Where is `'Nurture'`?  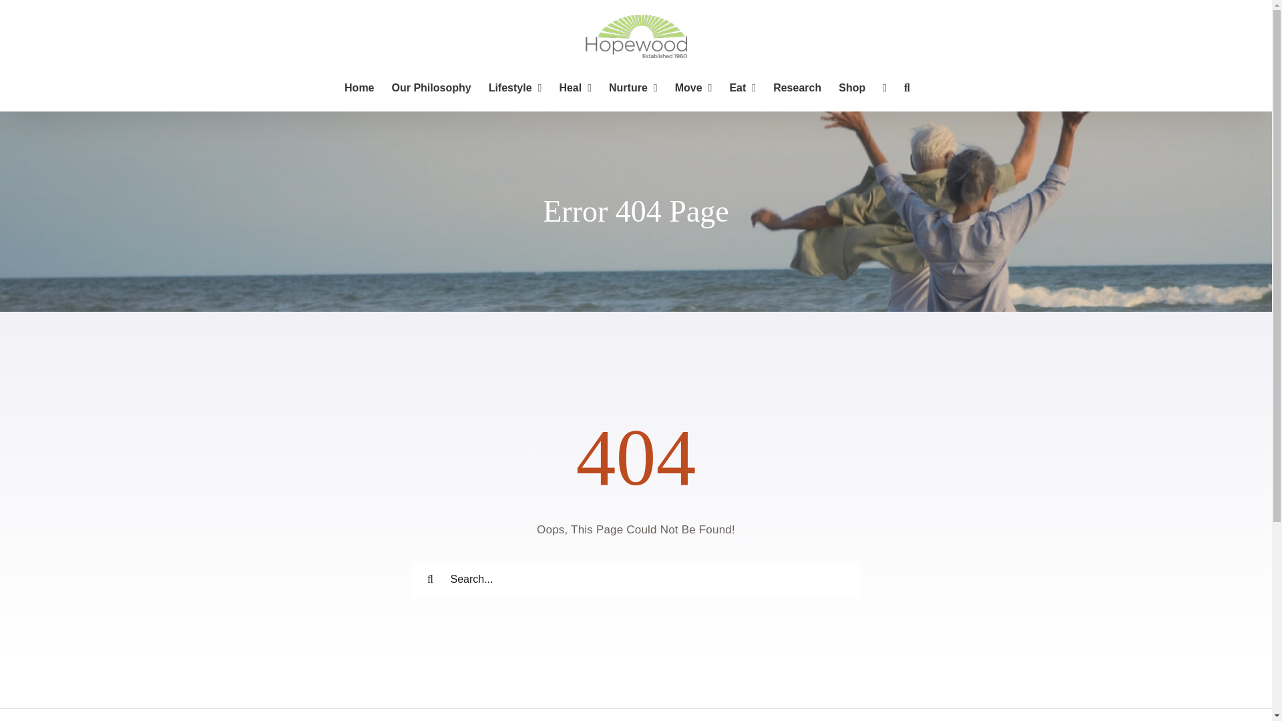 'Nurture' is located at coordinates (632, 87).